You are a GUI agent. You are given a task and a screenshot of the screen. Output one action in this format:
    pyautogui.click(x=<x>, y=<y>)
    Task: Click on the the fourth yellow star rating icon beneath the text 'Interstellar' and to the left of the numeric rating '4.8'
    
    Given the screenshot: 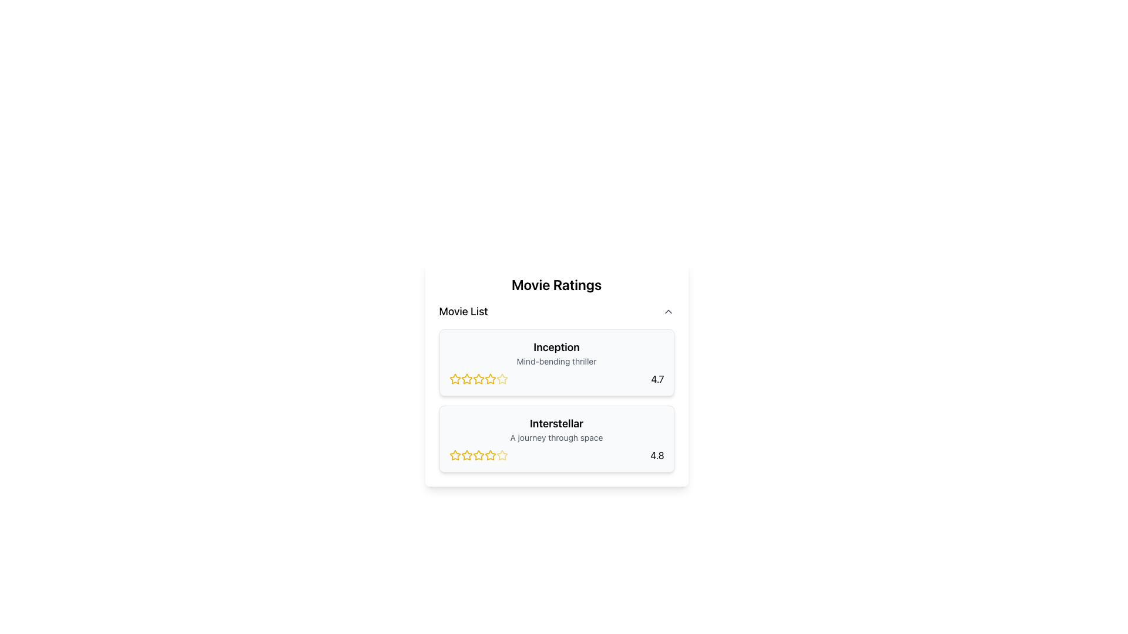 What is the action you would take?
    pyautogui.click(x=490, y=454)
    